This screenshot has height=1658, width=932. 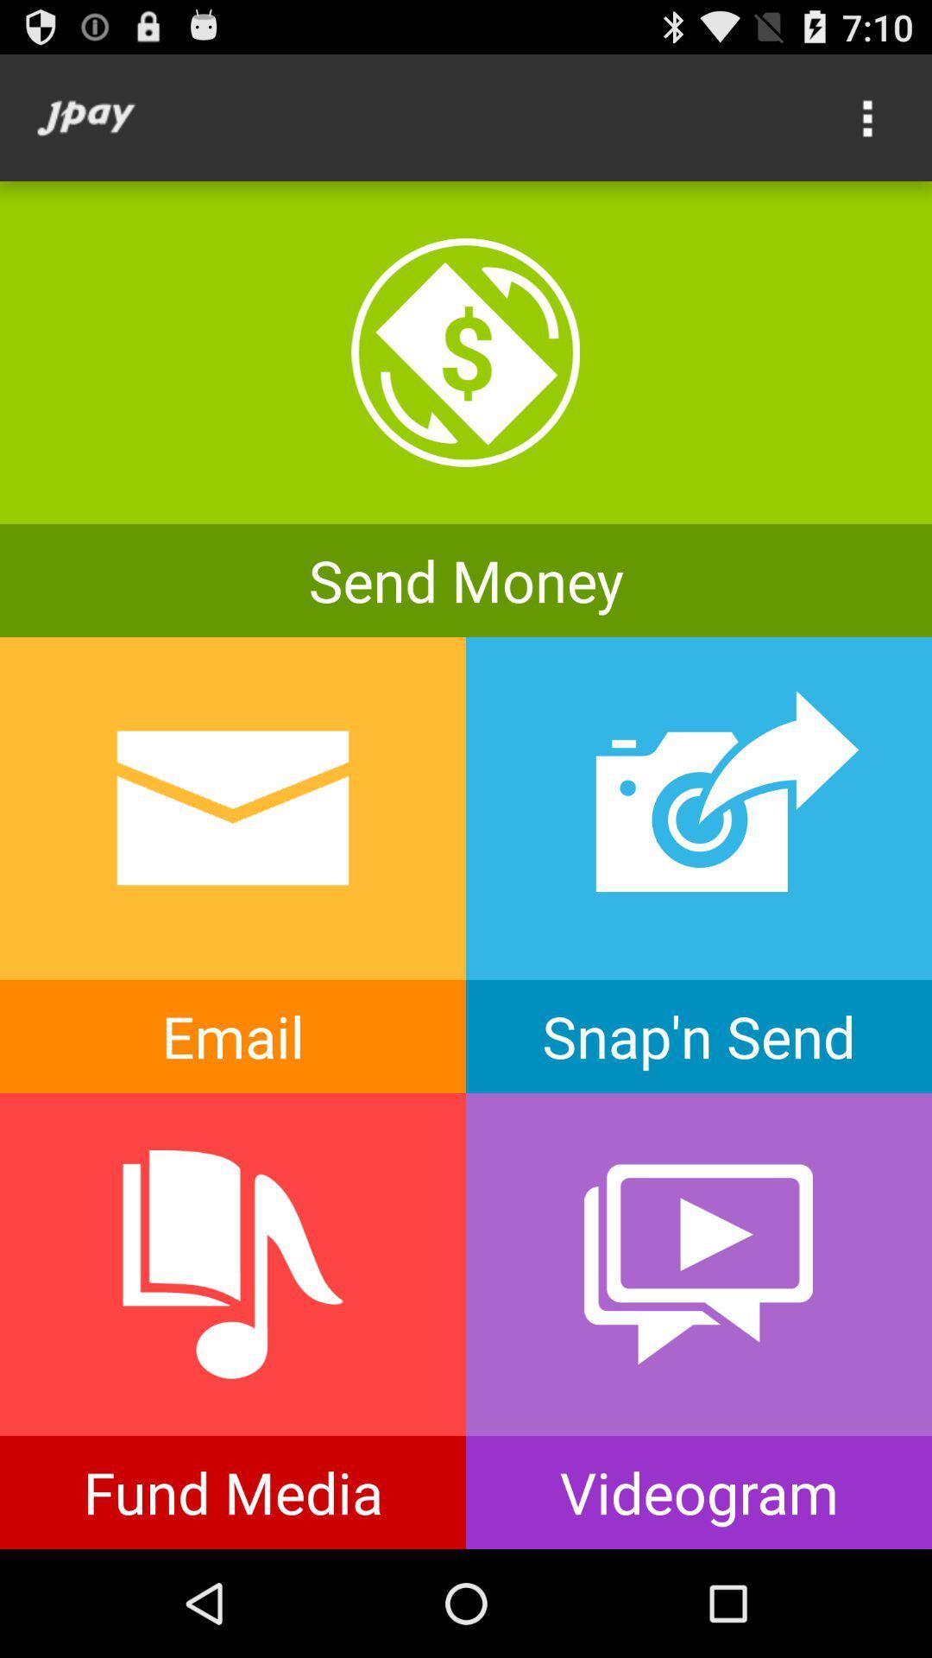 What do you see at coordinates (233, 865) in the screenshot?
I see `email option` at bounding box center [233, 865].